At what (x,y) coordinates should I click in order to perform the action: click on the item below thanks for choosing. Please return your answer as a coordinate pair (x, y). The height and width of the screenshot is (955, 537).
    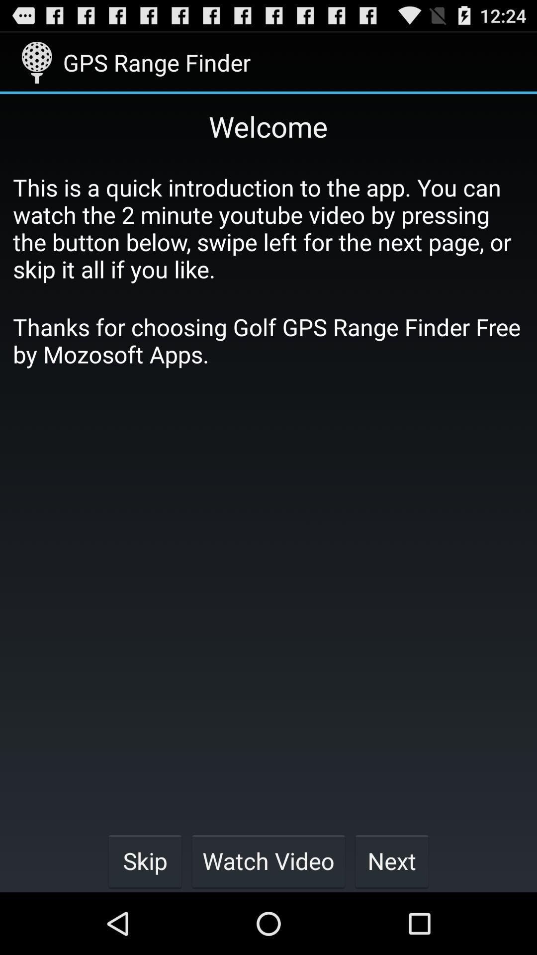
    Looking at the image, I should click on (145, 860).